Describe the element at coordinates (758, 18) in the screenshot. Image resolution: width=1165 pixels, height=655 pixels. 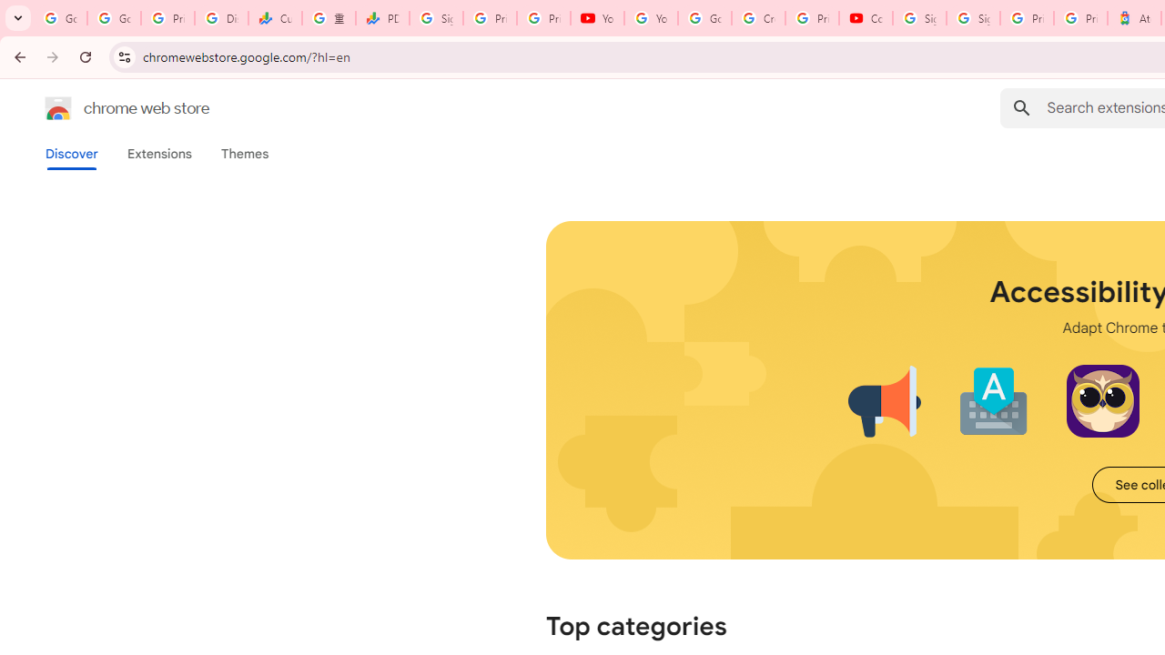
I see `'Create your Google Account'` at that location.